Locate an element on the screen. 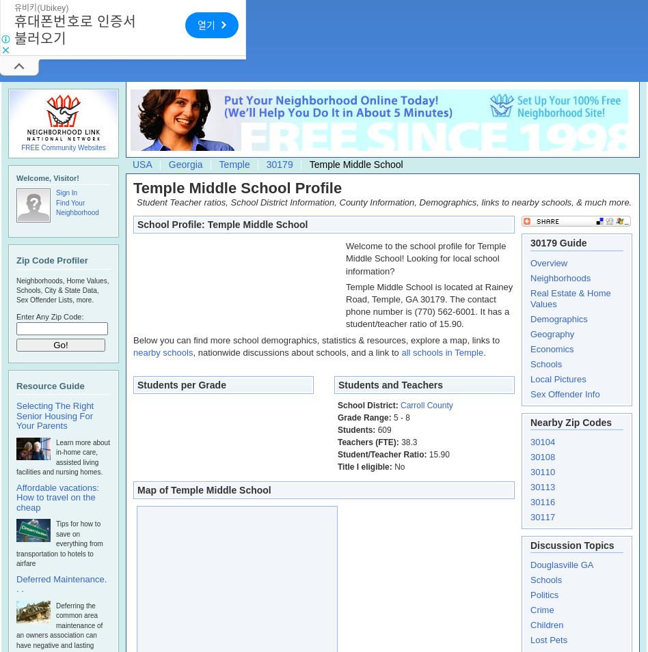  'Discussion Topics' is located at coordinates (571, 544).